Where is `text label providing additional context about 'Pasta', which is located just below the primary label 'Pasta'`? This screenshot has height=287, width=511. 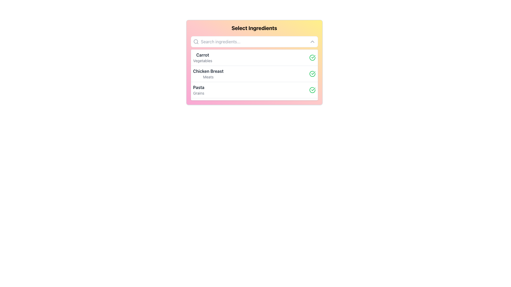
text label providing additional context about 'Pasta', which is located just below the primary label 'Pasta' is located at coordinates (198, 93).